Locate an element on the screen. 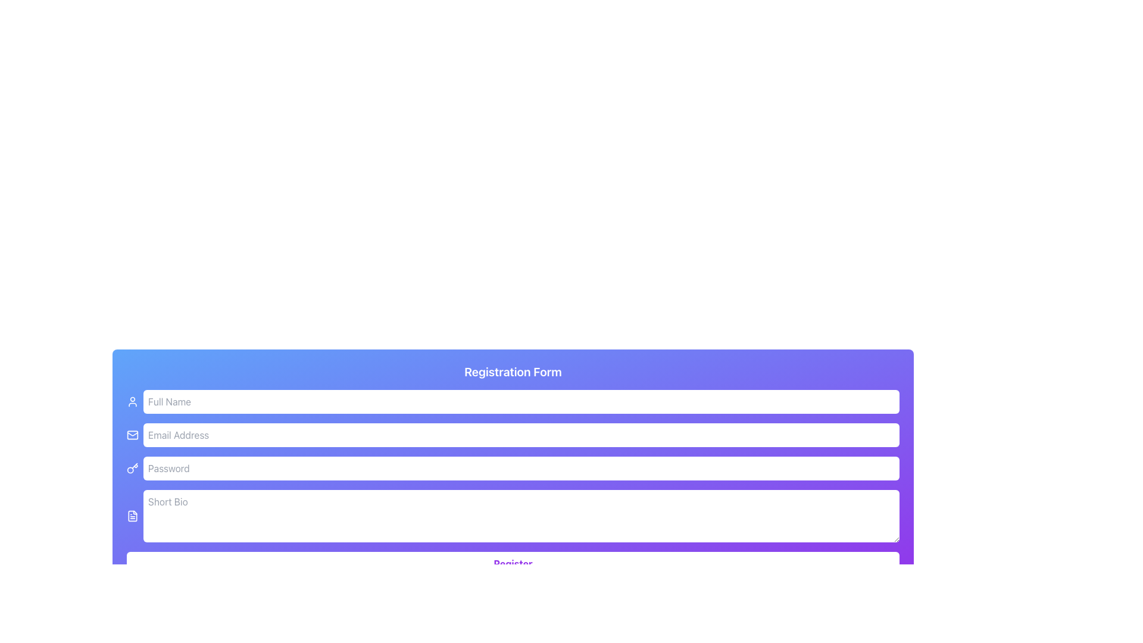 The width and height of the screenshot is (1143, 643). the icon that represents the input field for entering a user's full name, located to the left of the 'Full Name' input field is located at coordinates (132, 402).